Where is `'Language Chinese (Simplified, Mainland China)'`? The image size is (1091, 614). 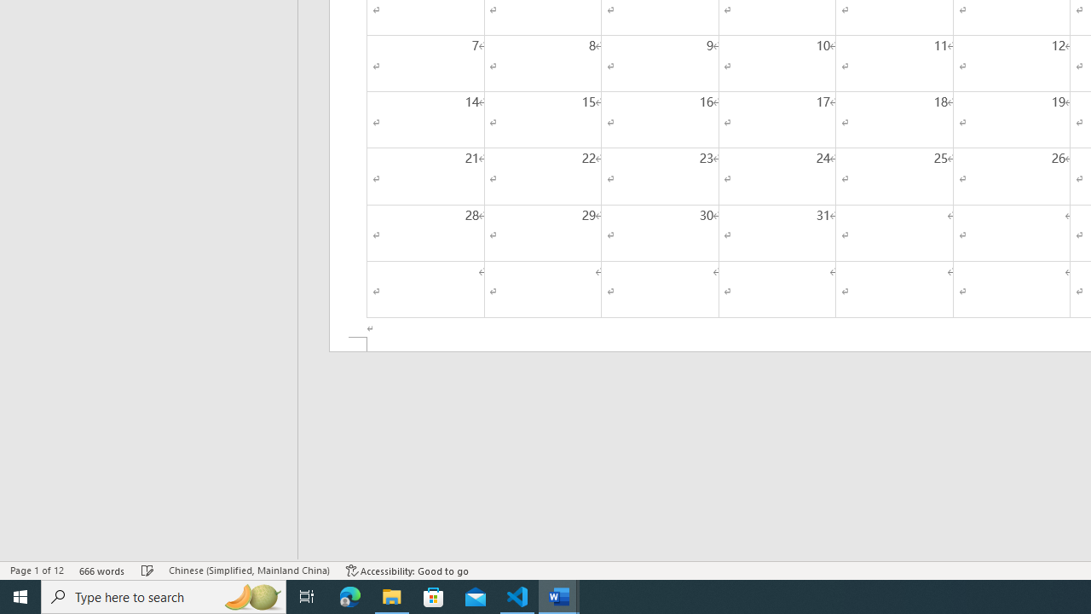
'Language Chinese (Simplified, Mainland China)' is located at coordinates (248, 571).